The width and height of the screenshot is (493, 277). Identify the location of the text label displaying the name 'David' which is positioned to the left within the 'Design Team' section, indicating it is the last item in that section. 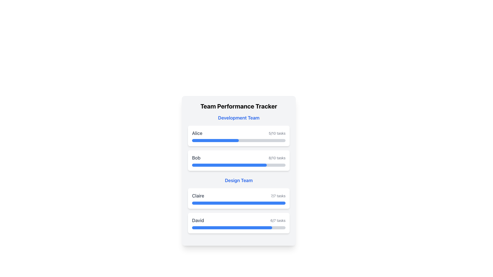
(198, 220).